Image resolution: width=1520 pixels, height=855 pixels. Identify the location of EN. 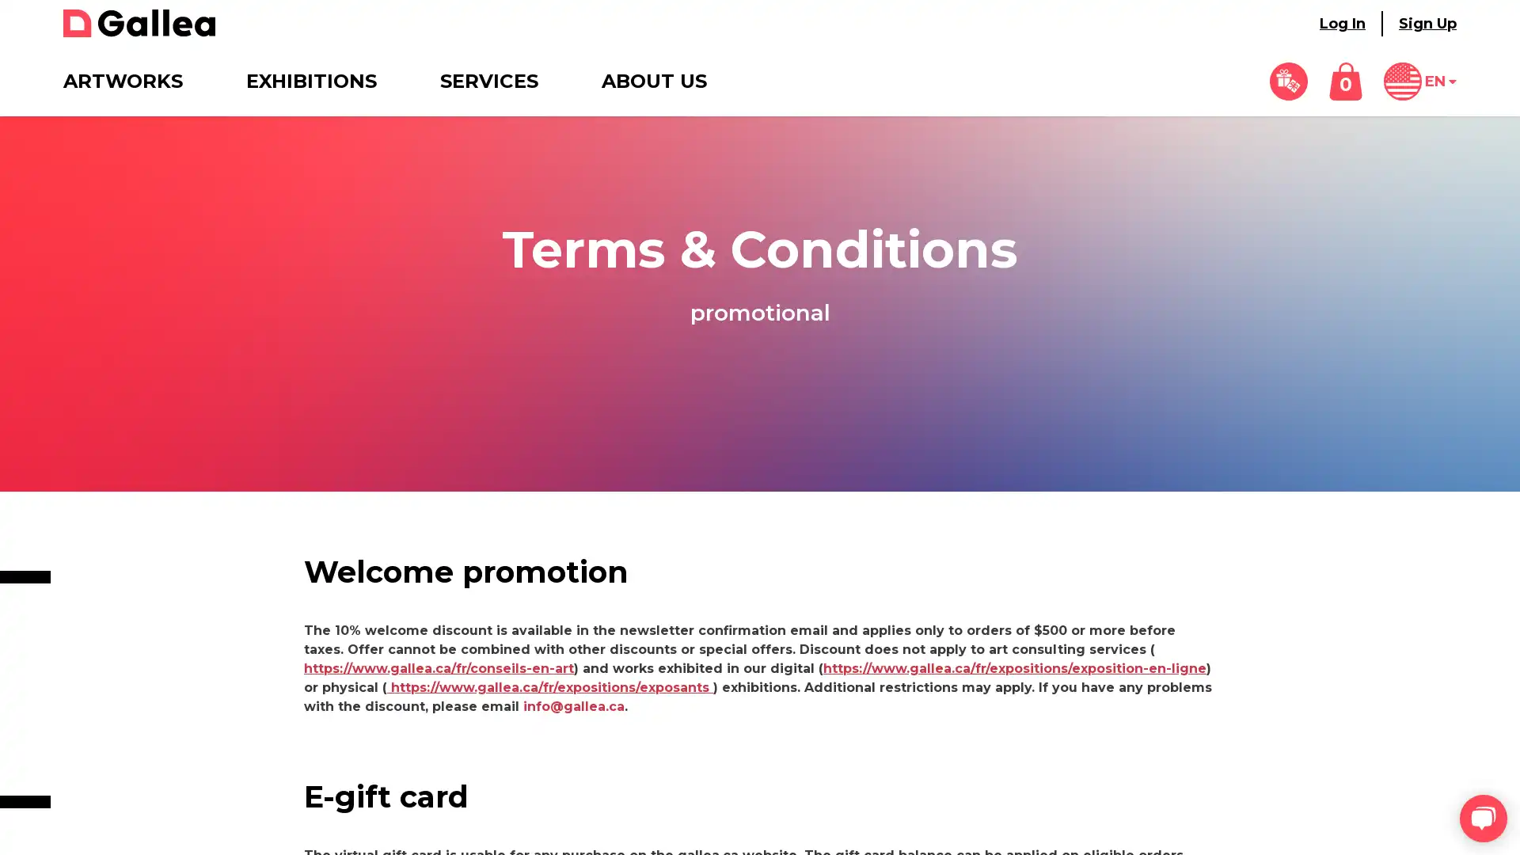
(1420, 82).